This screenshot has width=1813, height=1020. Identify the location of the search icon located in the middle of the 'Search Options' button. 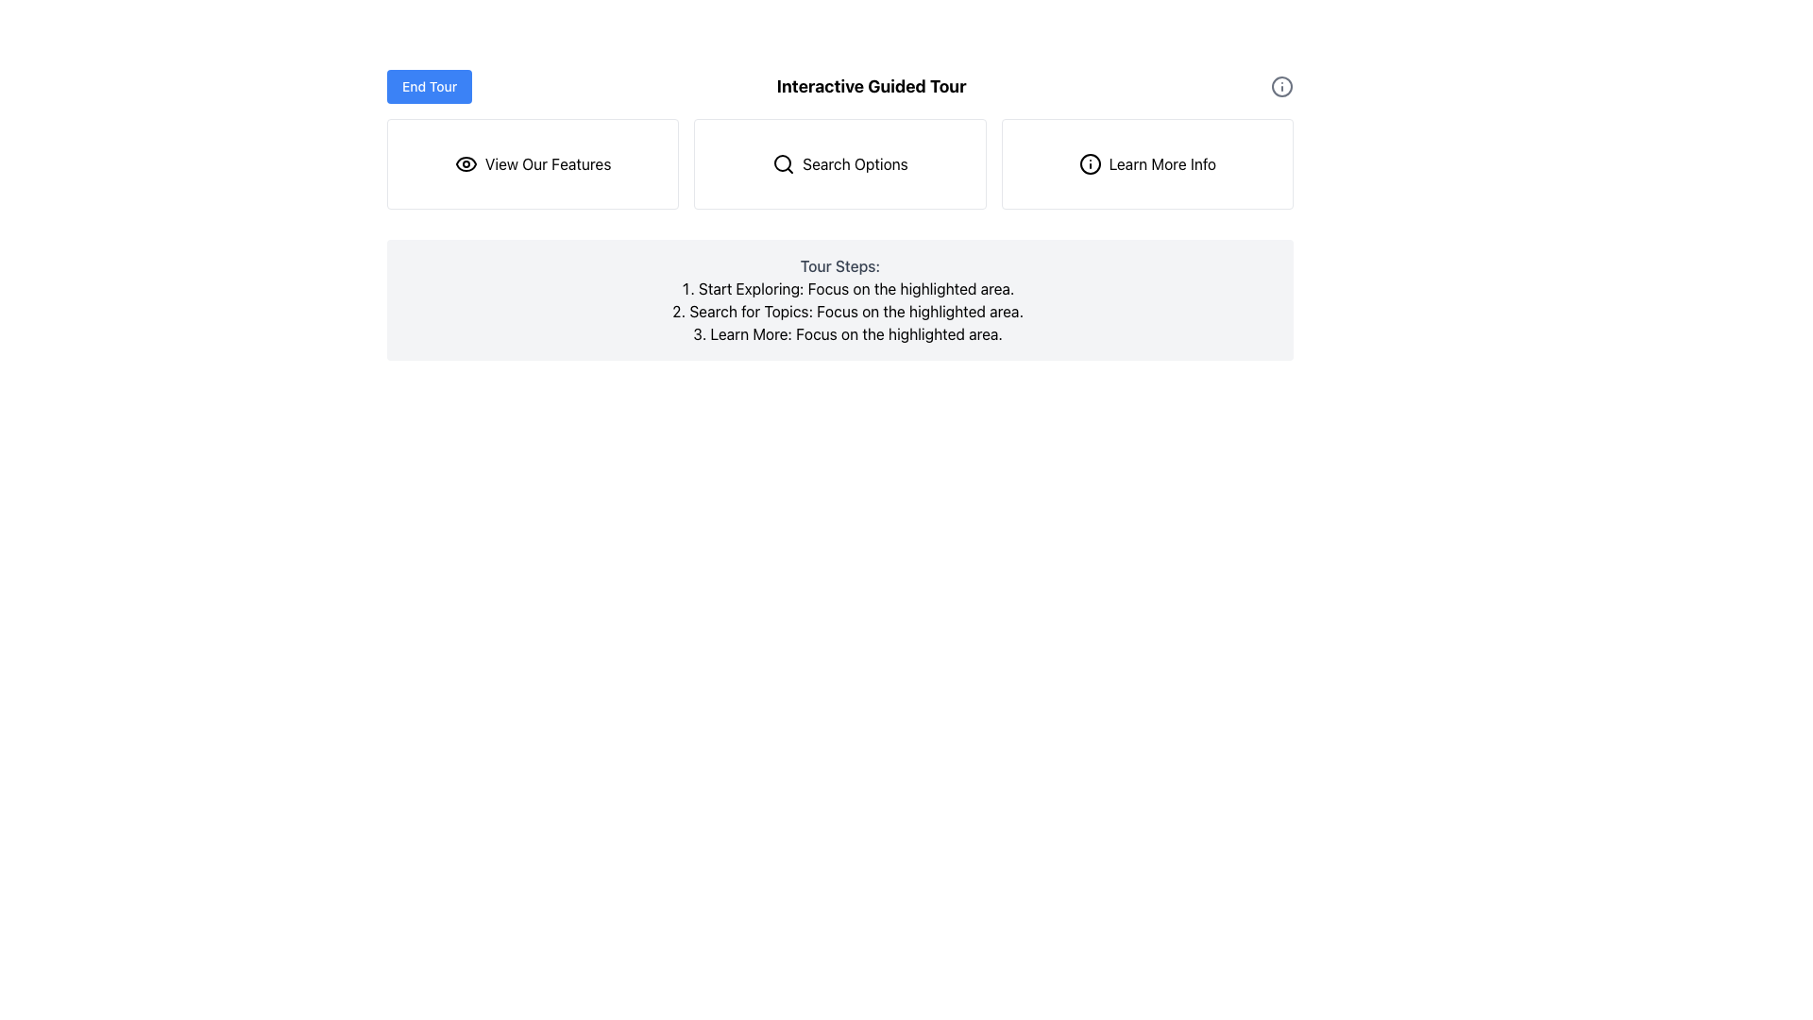
(784, 162).